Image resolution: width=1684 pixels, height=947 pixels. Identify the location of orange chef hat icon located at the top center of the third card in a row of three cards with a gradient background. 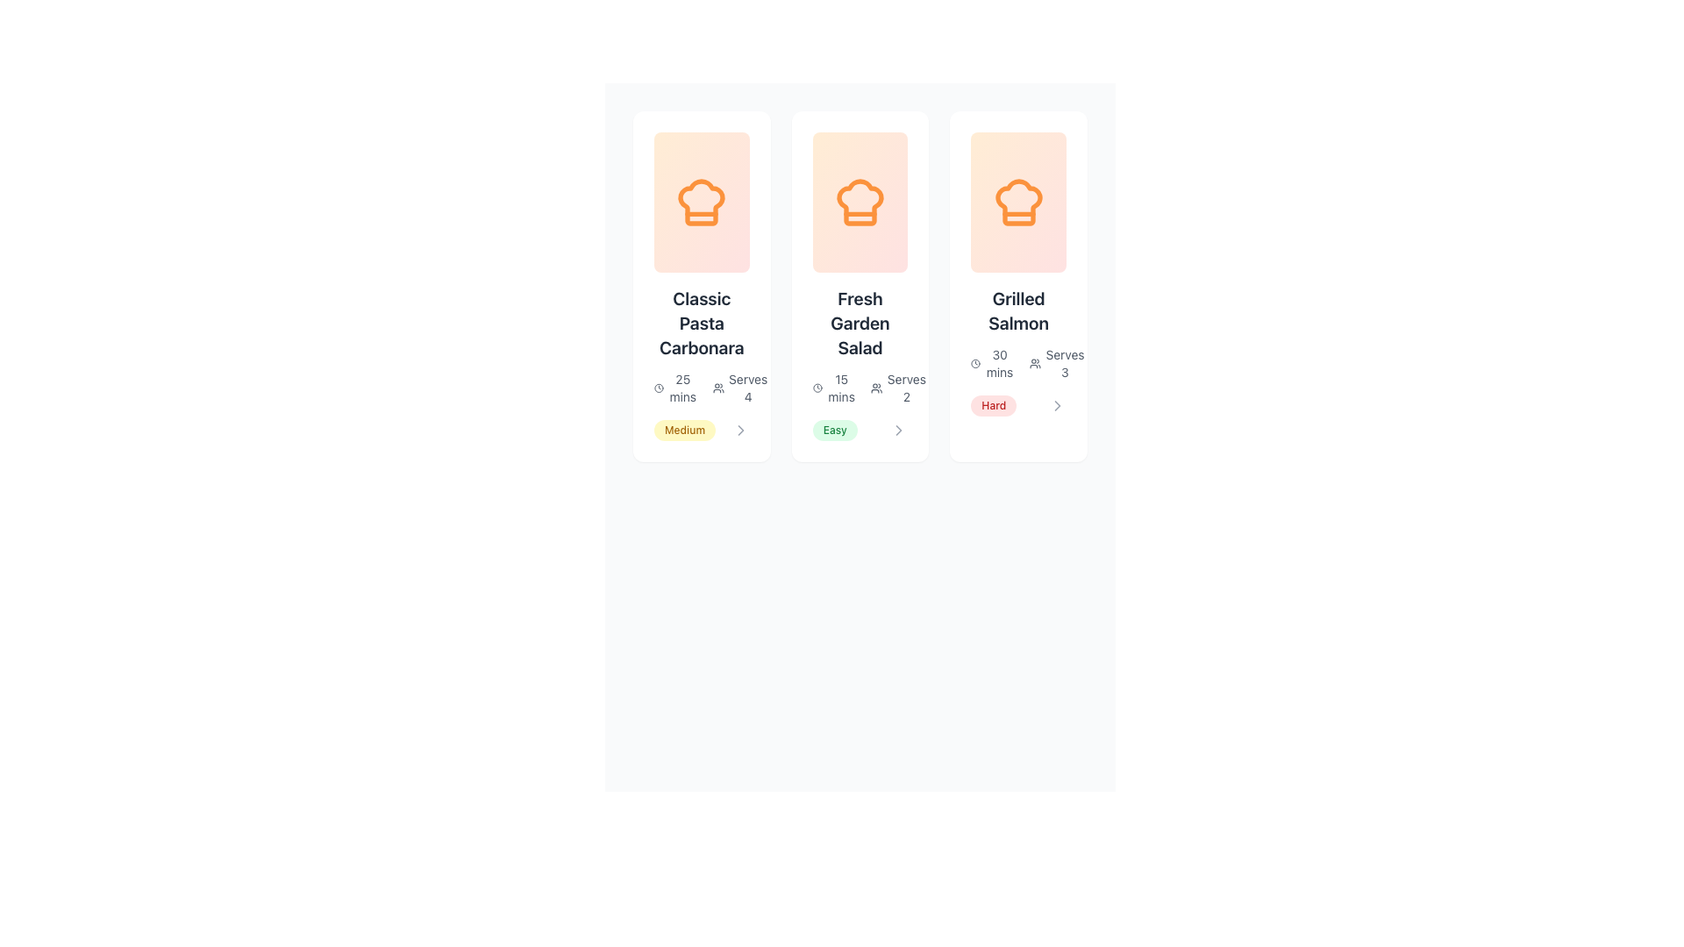
(1018, 202).